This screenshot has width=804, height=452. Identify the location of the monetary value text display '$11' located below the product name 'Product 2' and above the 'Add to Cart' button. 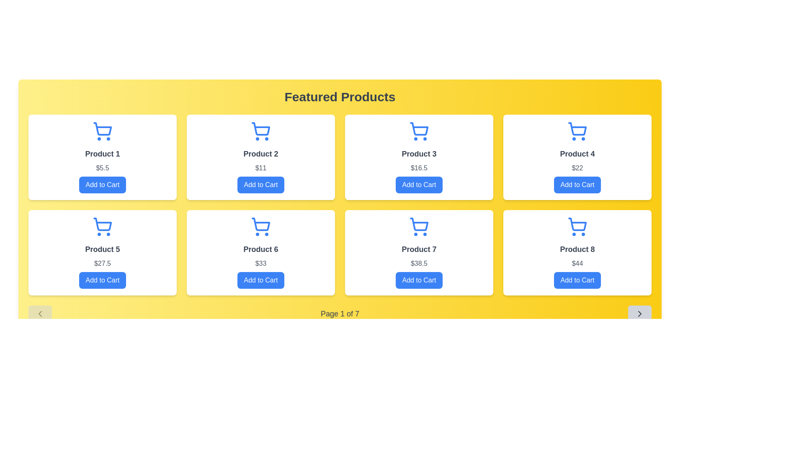
(260, 168).